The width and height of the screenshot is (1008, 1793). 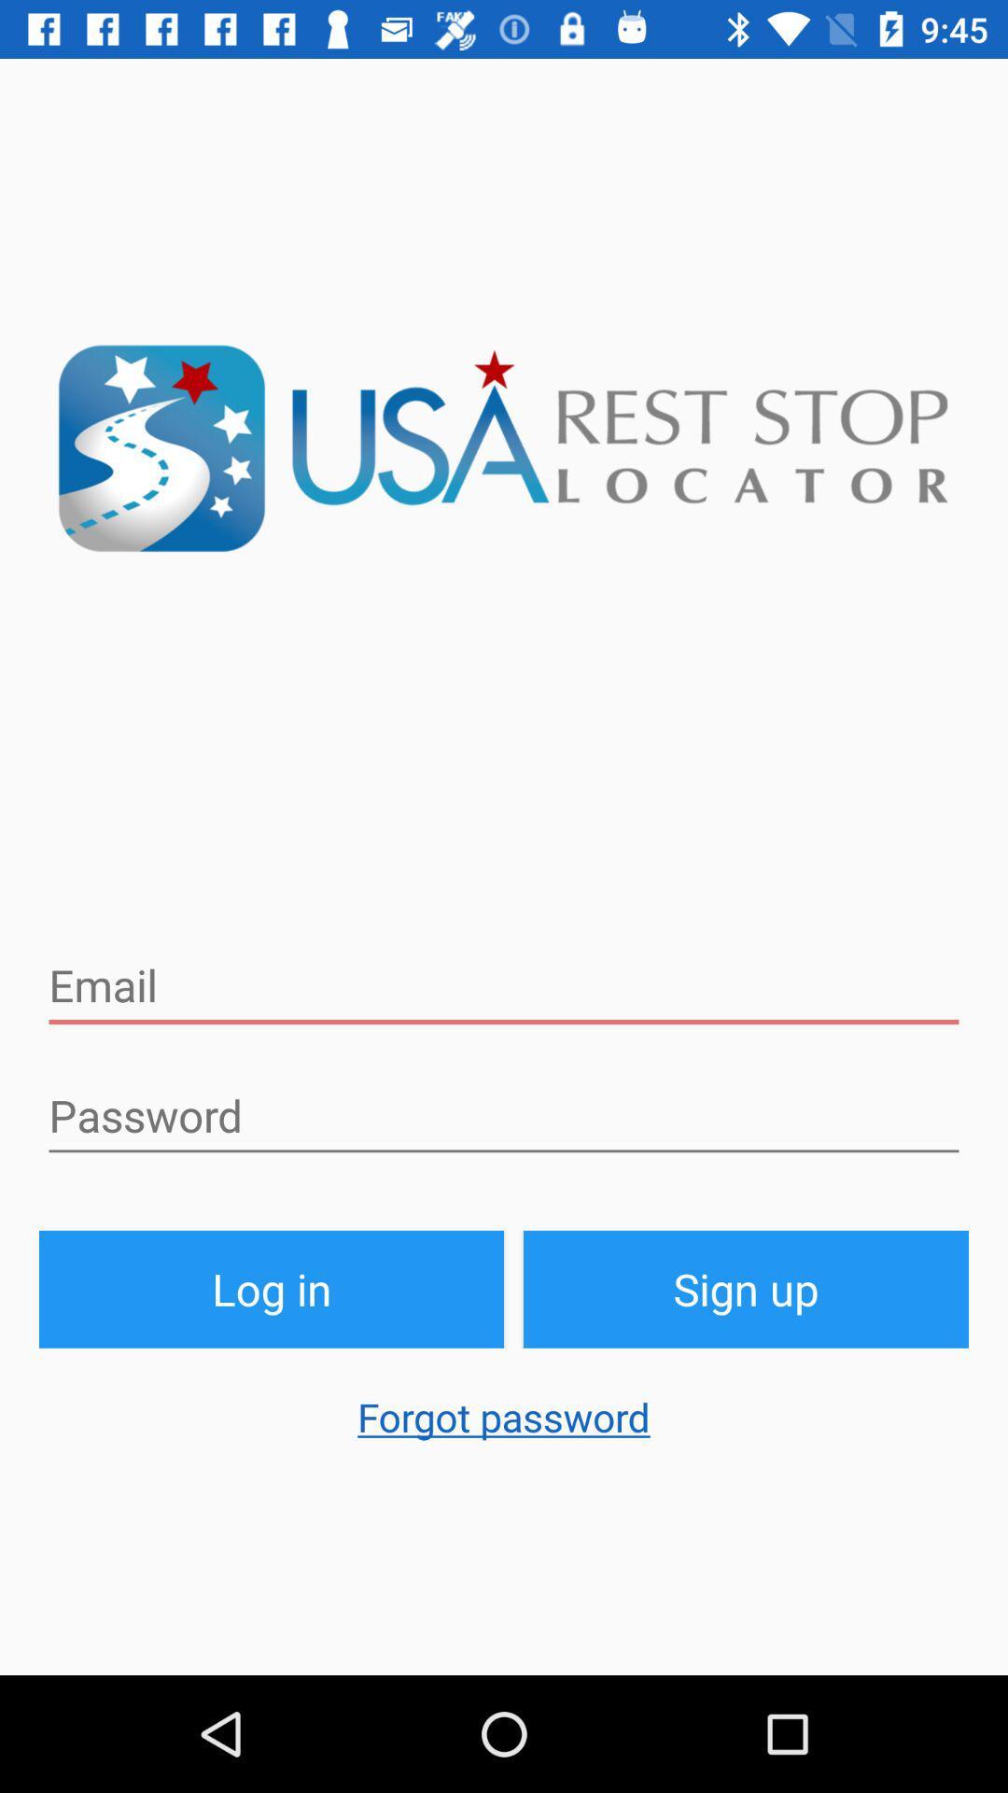 I want to click on the log in icon, so click(x=271, y=1288).